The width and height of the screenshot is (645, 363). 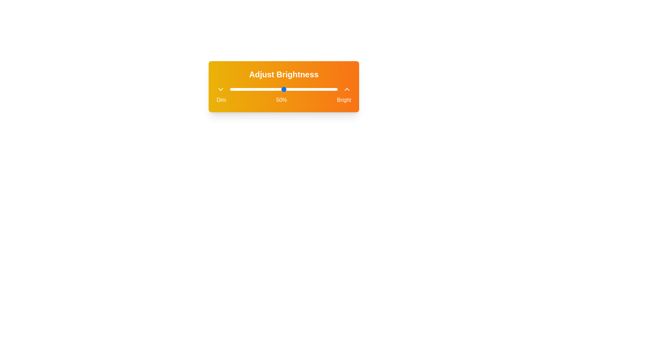 I want to click on the 'Dim' static text label in the brightness adjustment settings, which is the first label in a horizontal layout containing 'Dim', '50%', and 'Bright', so click(x=221, y=100).